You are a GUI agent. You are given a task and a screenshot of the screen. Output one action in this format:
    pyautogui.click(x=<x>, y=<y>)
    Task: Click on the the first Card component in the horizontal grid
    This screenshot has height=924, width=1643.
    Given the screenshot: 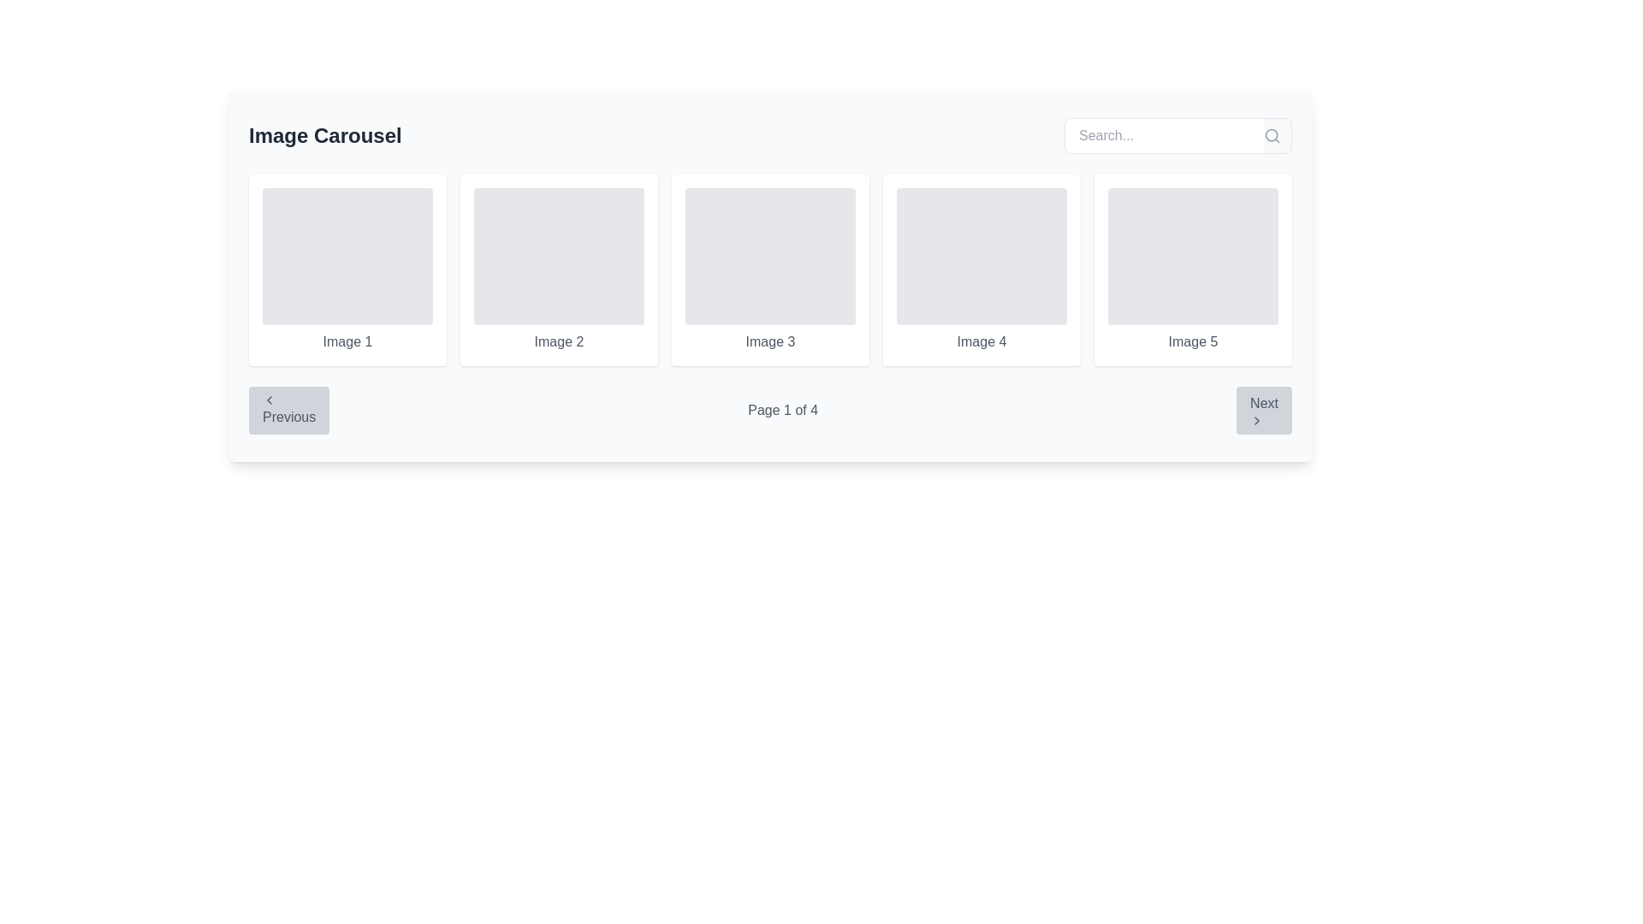 What is the action you would take?
    pyautogui.click(x=347, y=269)
    